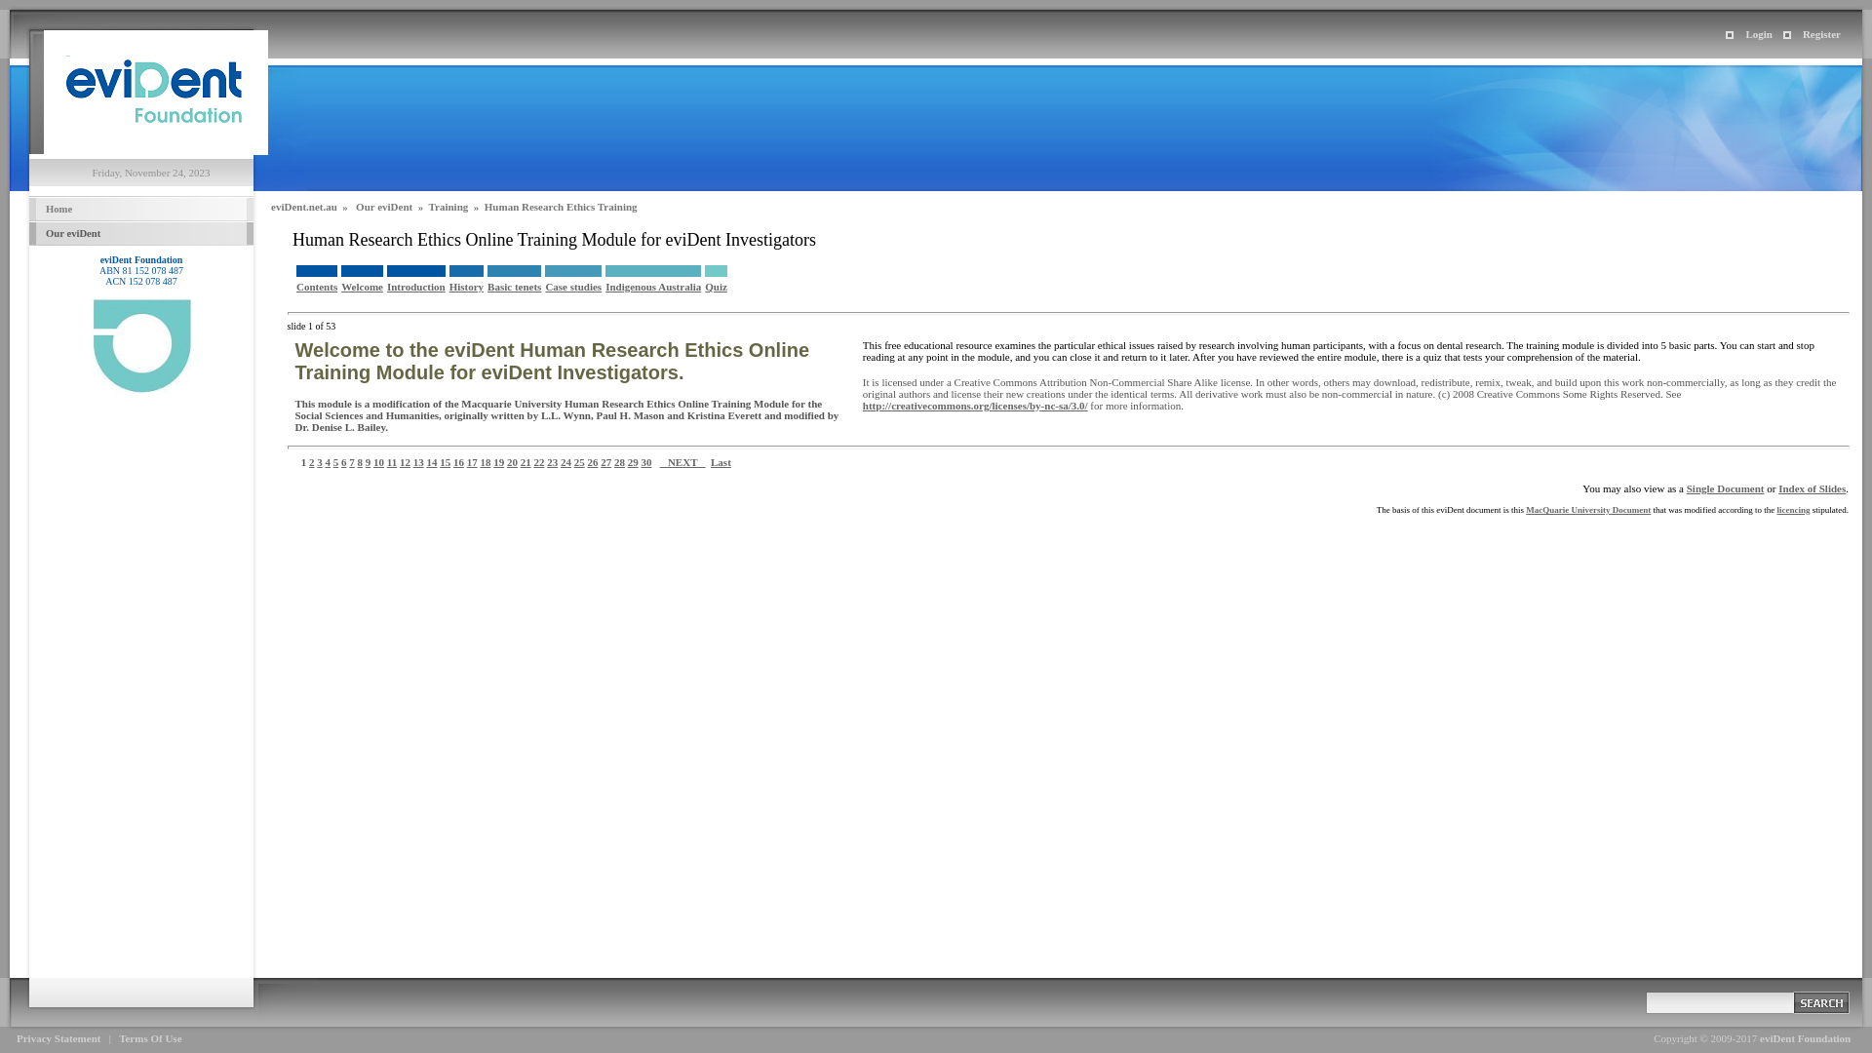 The width and height of the screenshot is (1872, 1053). Describe the element at coordinates (1811, 33) in the screenshot. I see `'Register'` at that location.